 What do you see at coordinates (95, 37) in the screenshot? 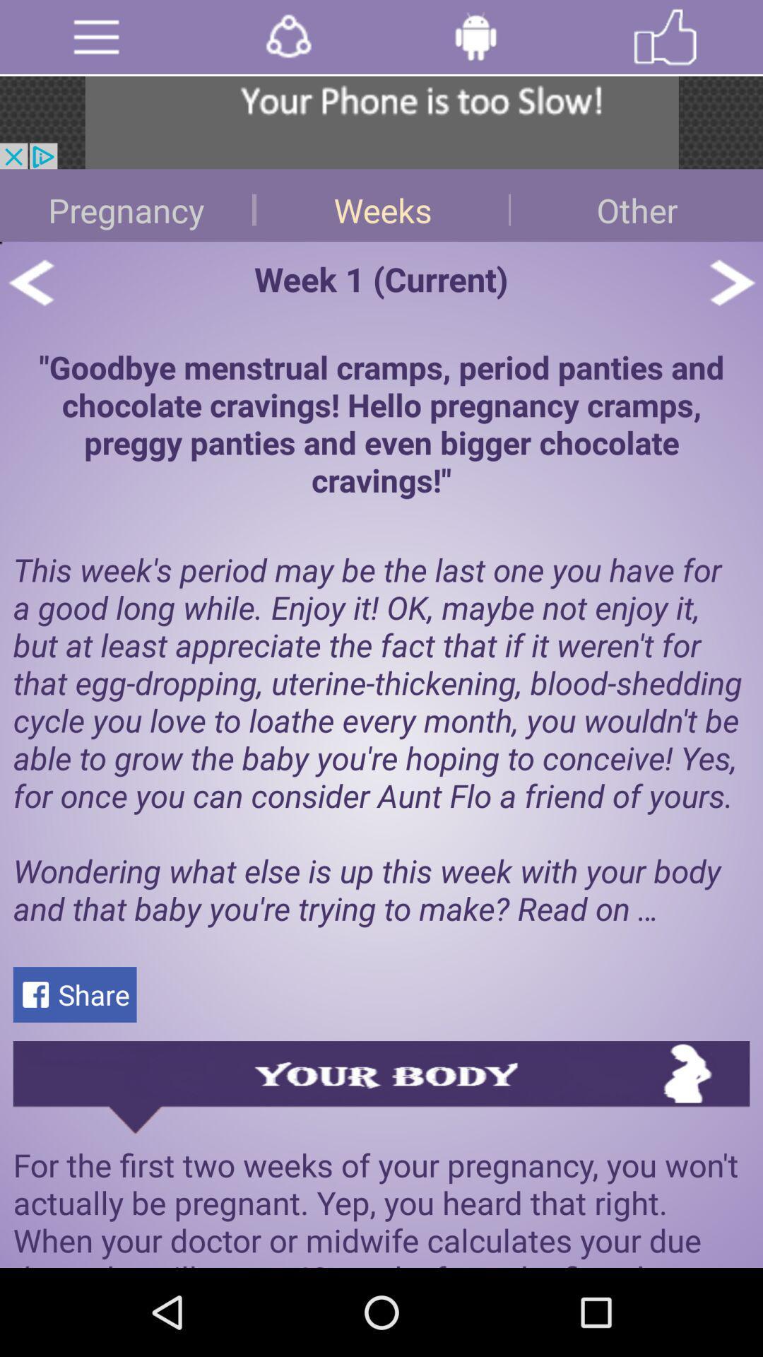
I see `menu` at bounding box center [95, 37].